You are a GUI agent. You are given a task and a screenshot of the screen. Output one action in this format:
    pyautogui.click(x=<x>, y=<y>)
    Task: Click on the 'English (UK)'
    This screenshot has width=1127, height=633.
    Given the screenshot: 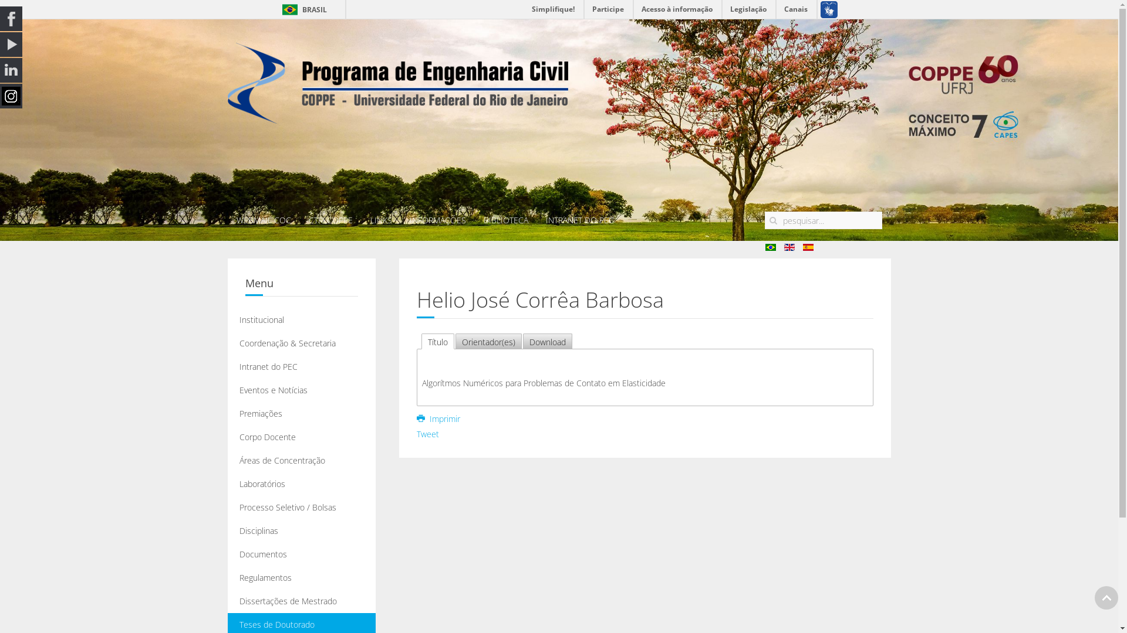 What is the action you would take?
    pyautogui.click(x=789, y=246)
    